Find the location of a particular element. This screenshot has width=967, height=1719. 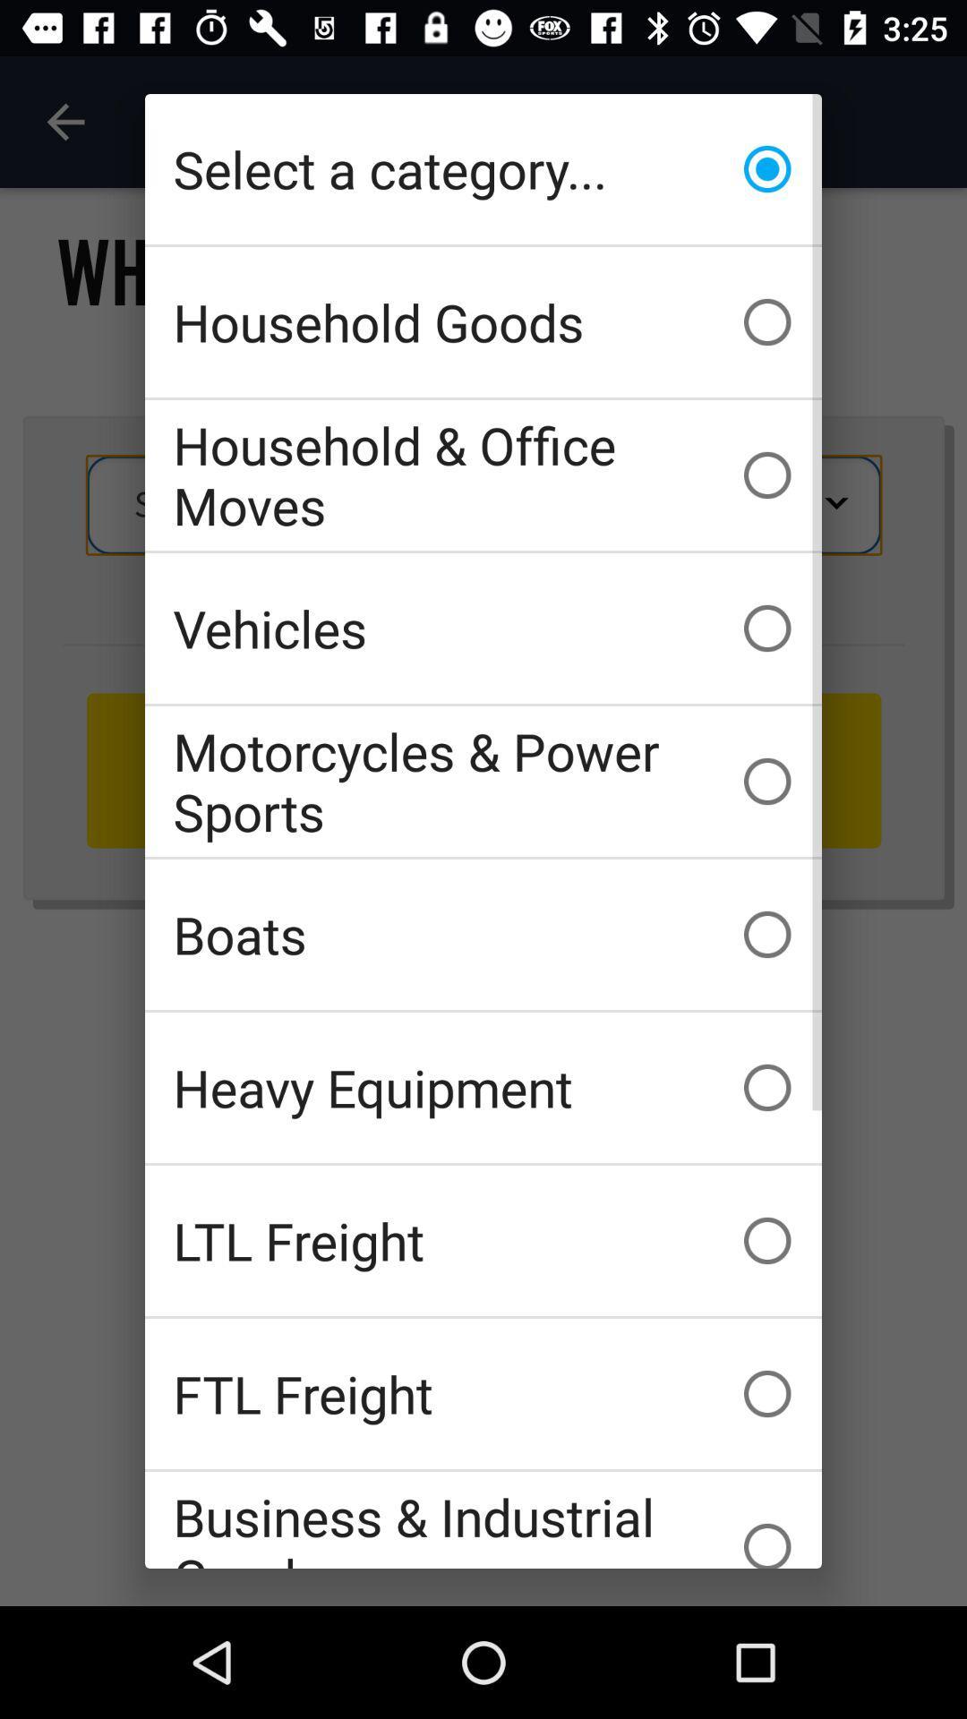

the heavy equipment icon is located at coordinates (483, 1086).